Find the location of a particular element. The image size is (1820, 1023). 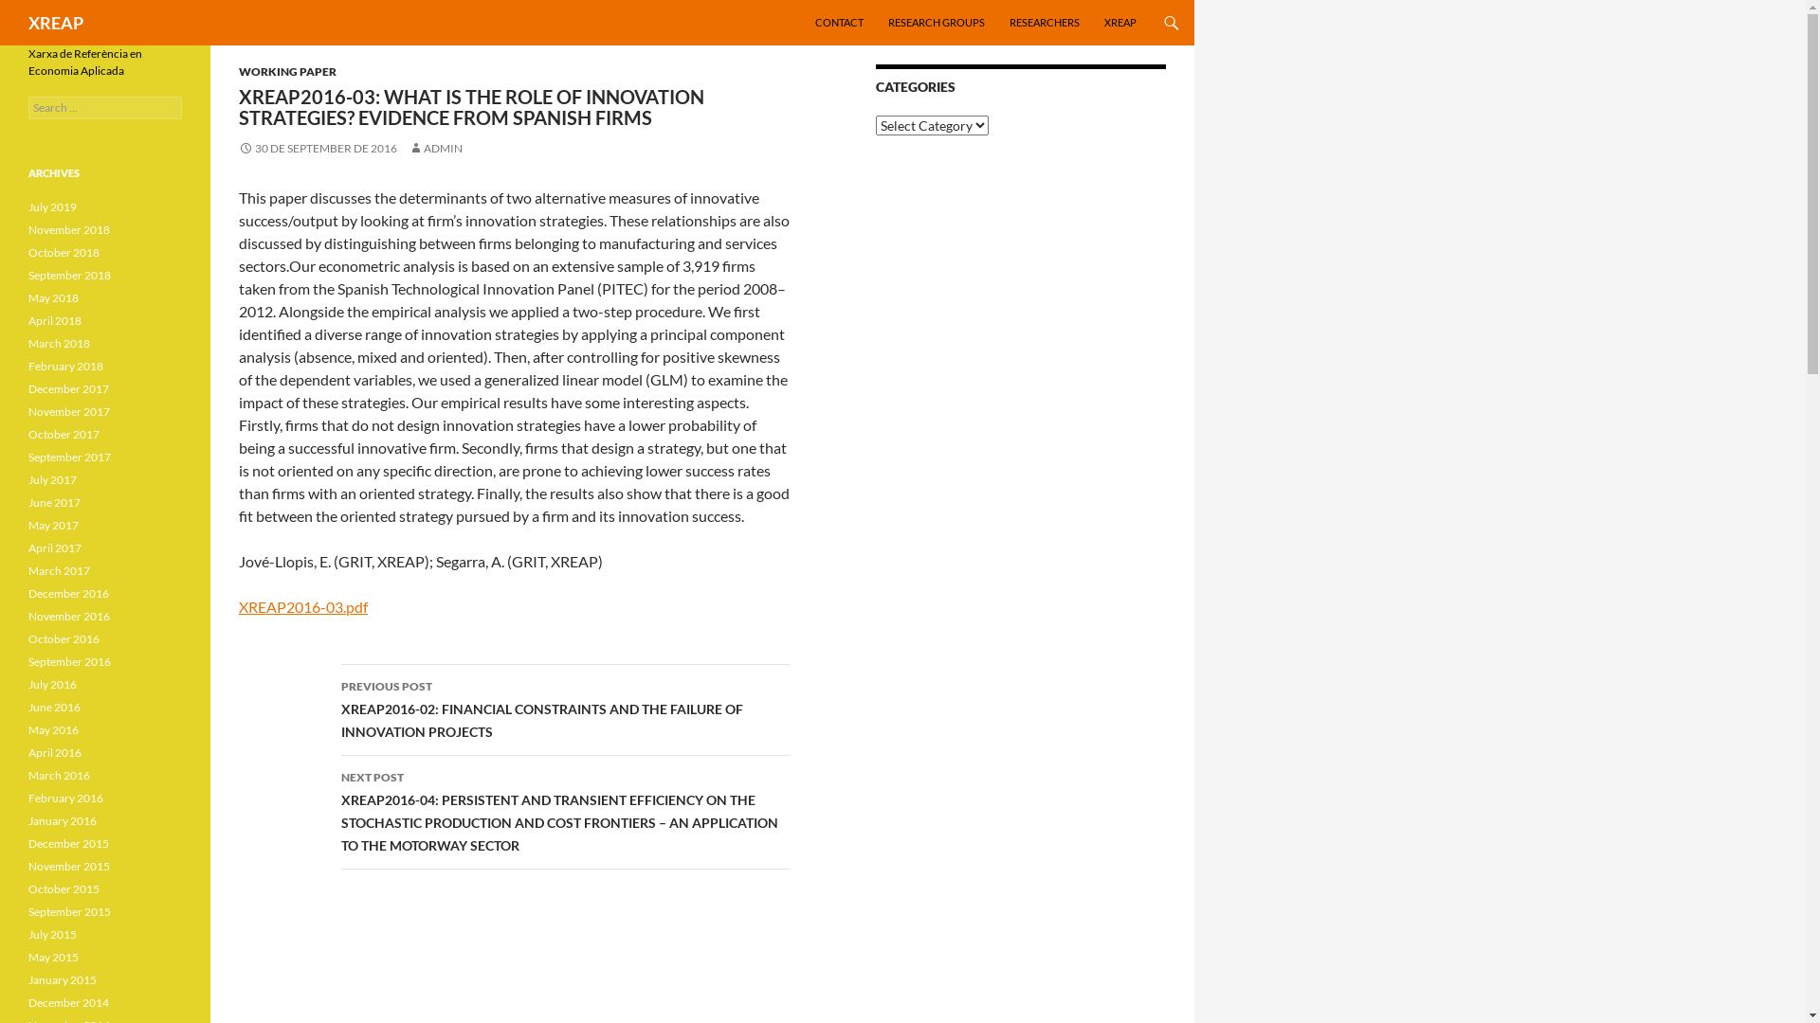

'December 2017' is located at coordinates (68, 387).